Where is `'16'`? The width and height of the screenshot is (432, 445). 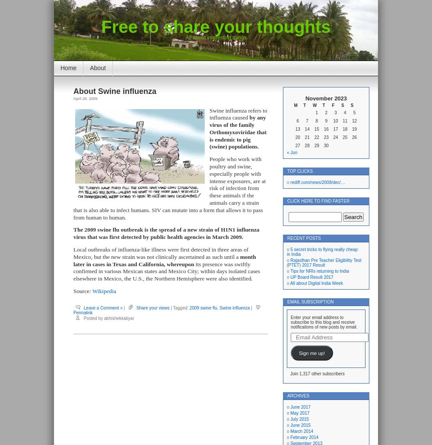
'16' is located at coordinates (323, 129).